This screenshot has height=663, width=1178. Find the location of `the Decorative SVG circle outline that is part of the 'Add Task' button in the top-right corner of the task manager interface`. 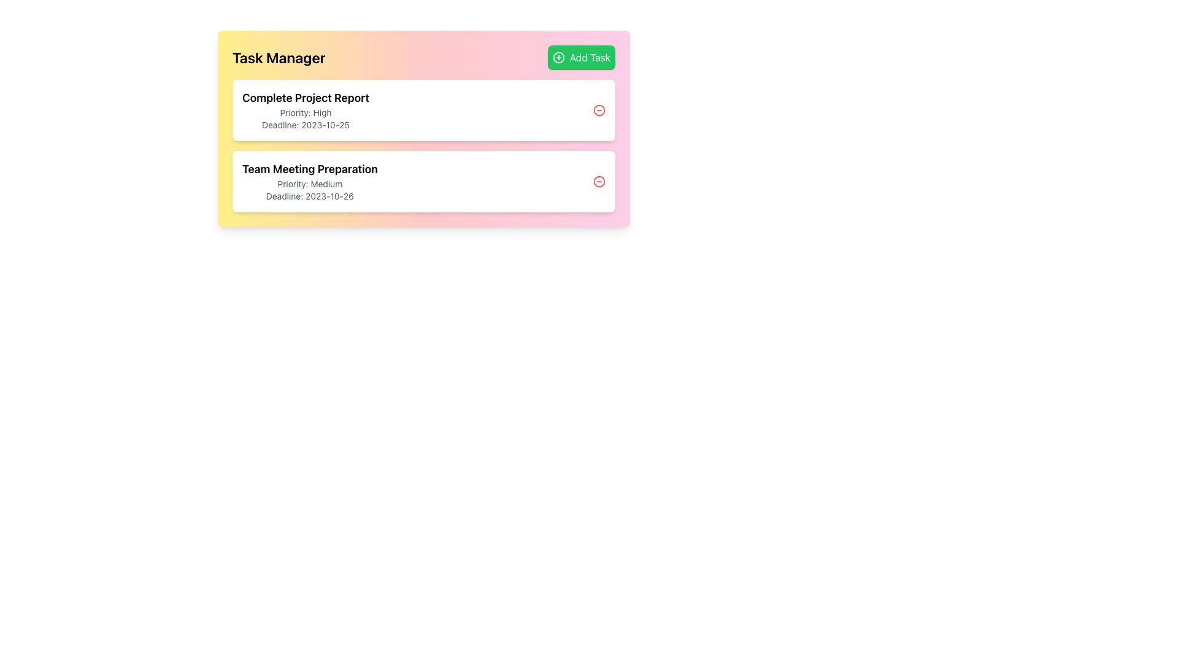

the Decorative SVG circle outline that is part of the 'Add Task' button in the top-right corner of the task manager interface is located at coordinates (558, 57).